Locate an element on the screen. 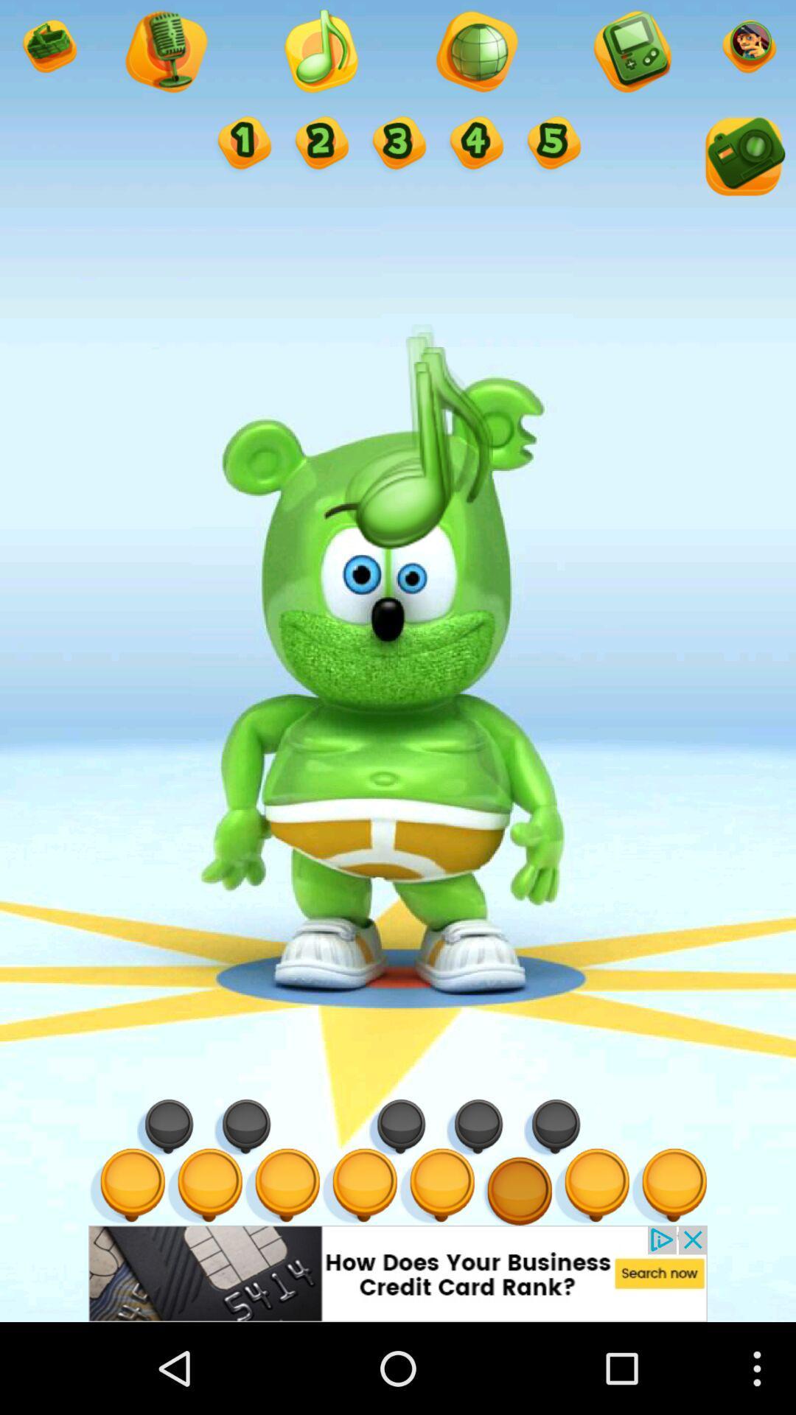 The width and height of the screenshot is (796, 1415). the microphone icon is located at coordinates (475, 57).